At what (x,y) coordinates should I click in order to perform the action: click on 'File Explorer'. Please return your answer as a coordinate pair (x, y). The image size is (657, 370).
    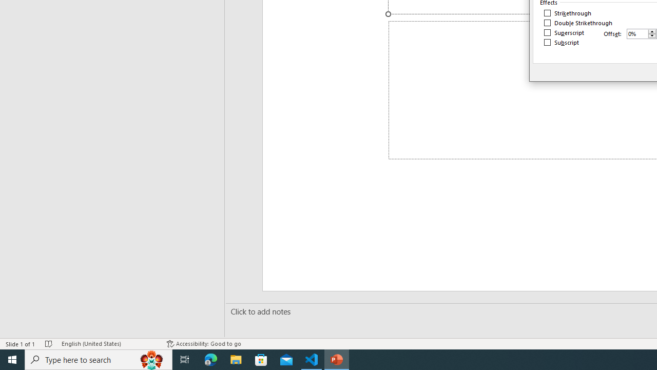
    Looking at the image, I should click on (236, 359).